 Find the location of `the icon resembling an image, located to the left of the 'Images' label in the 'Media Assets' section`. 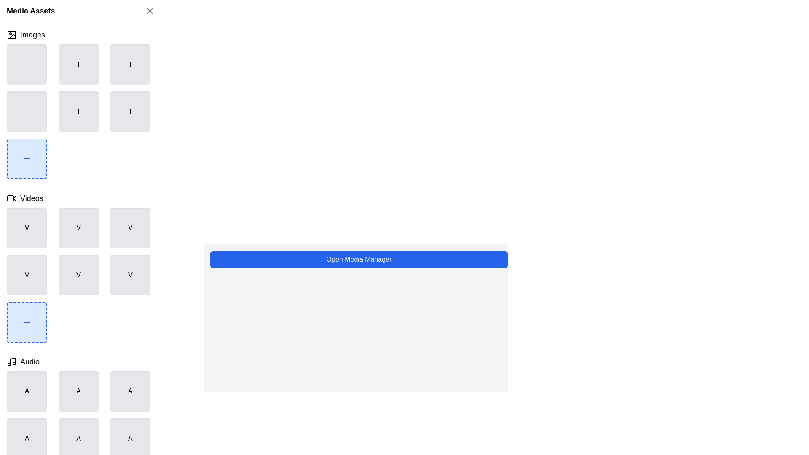

the icon resembling an image, located to the left of the 'Images' label in the 'Media Assets' section is located at coordinates (12, 35).